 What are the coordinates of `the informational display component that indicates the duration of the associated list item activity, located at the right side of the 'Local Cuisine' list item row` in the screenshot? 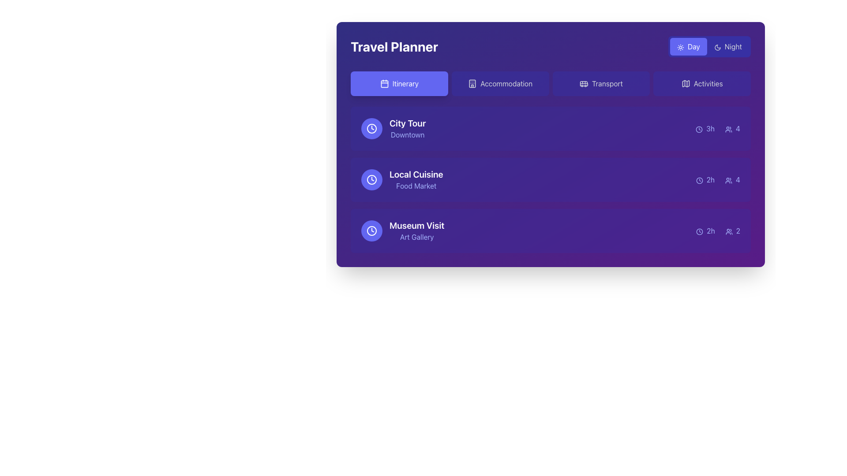 It's located at (705, 179).